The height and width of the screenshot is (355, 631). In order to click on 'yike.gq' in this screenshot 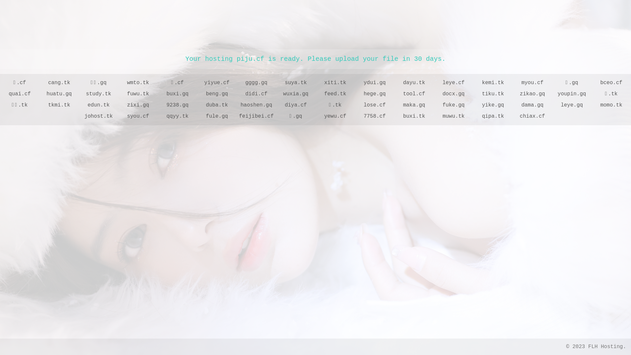, I will do `click(493, 105)`.